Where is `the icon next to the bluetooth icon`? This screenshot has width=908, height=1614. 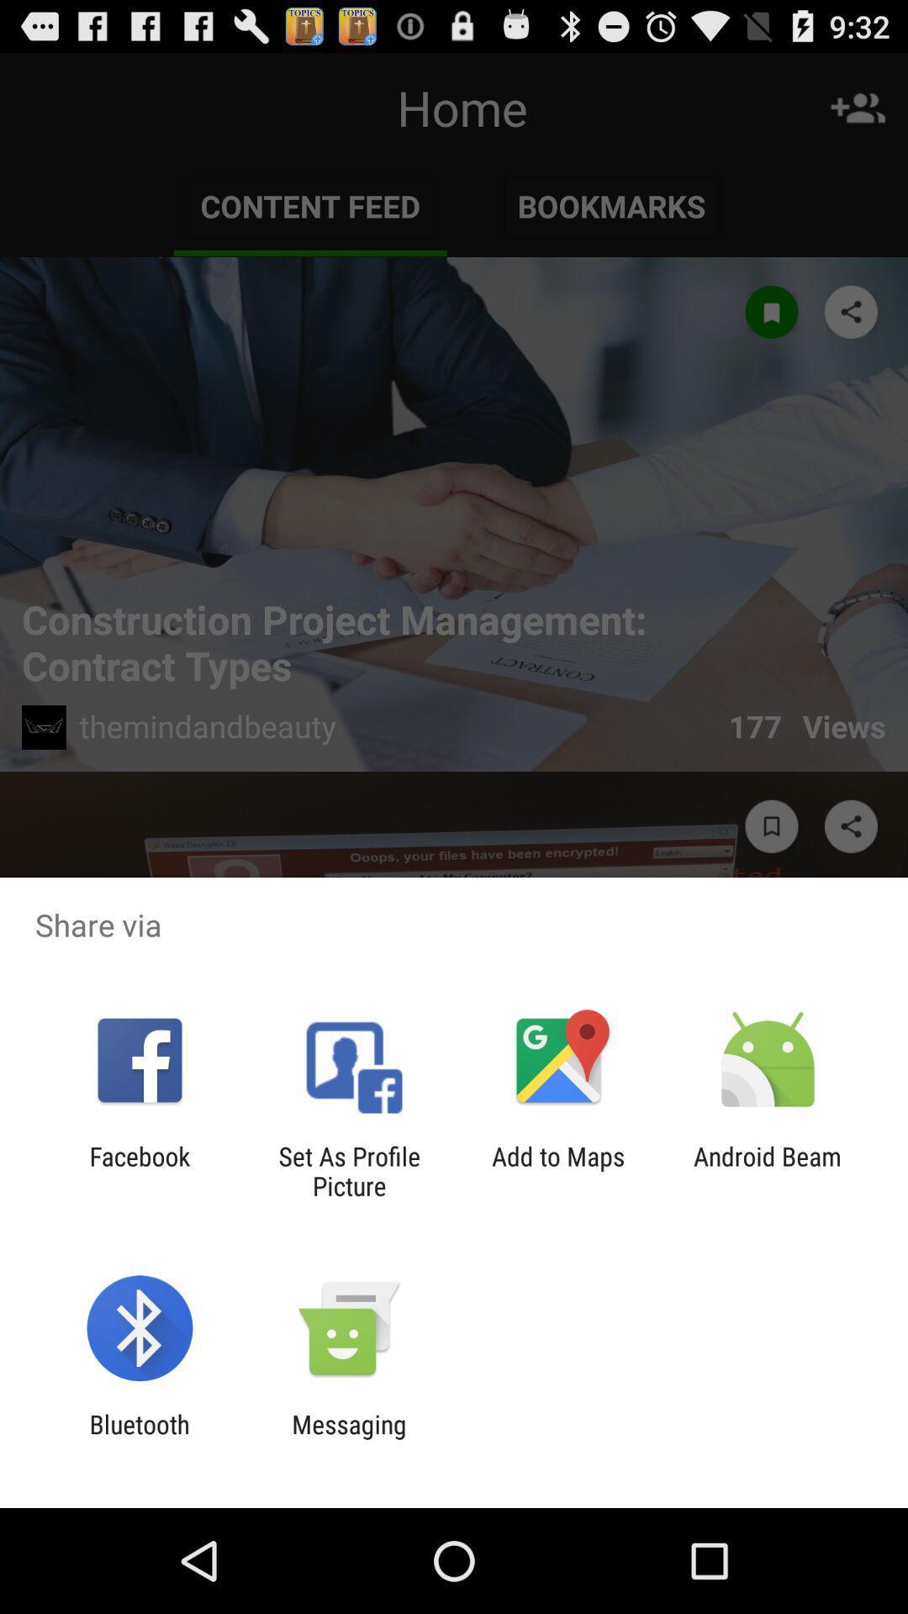 the icon next to the bluetooth icon is located at coordinates (348, 1438).